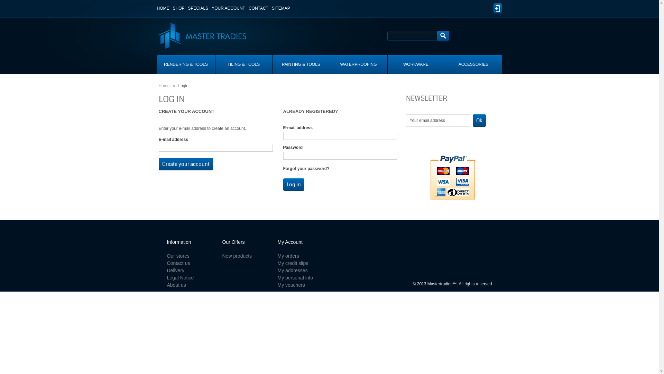  Describe the element at coordinates (198, 8) in the screenshot. I see `'SPECIALS'` at that location.